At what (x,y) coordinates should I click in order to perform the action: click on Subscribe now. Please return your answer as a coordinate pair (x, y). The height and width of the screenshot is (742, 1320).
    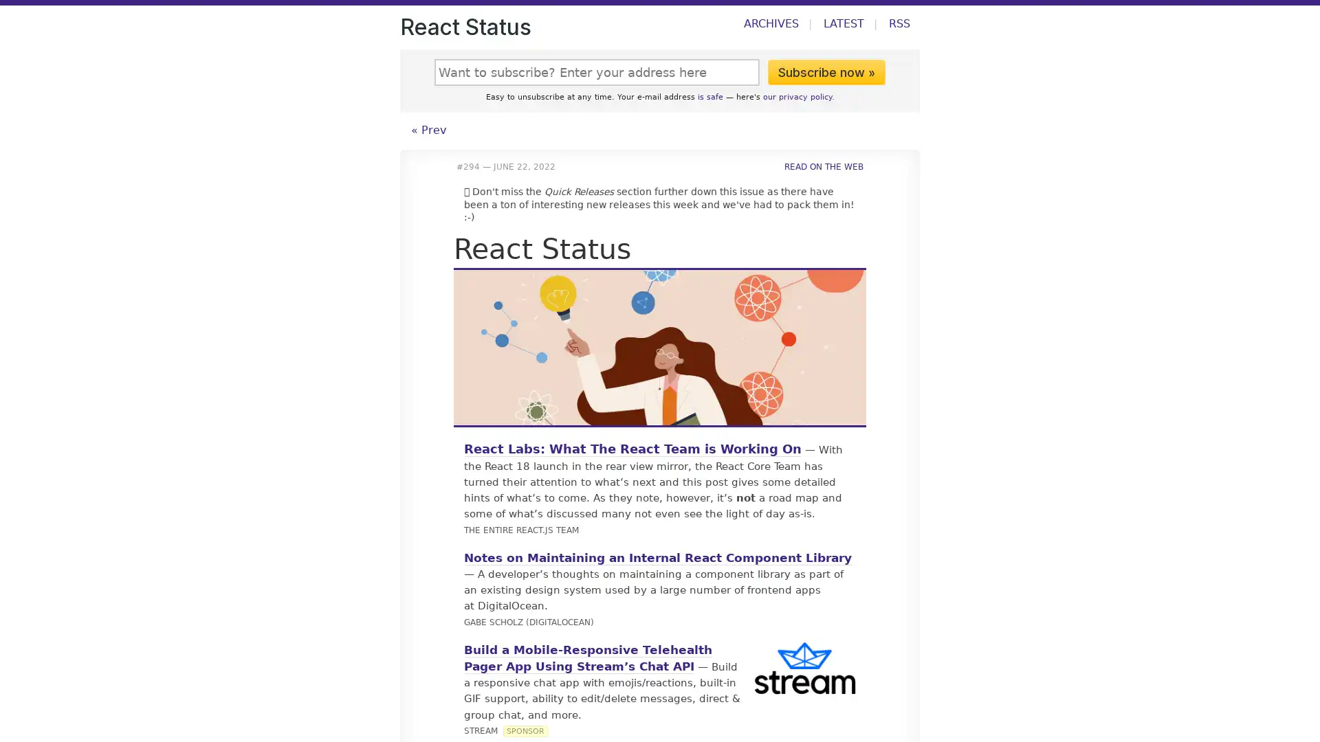
    Looking at the image, I should click on (826, 72).